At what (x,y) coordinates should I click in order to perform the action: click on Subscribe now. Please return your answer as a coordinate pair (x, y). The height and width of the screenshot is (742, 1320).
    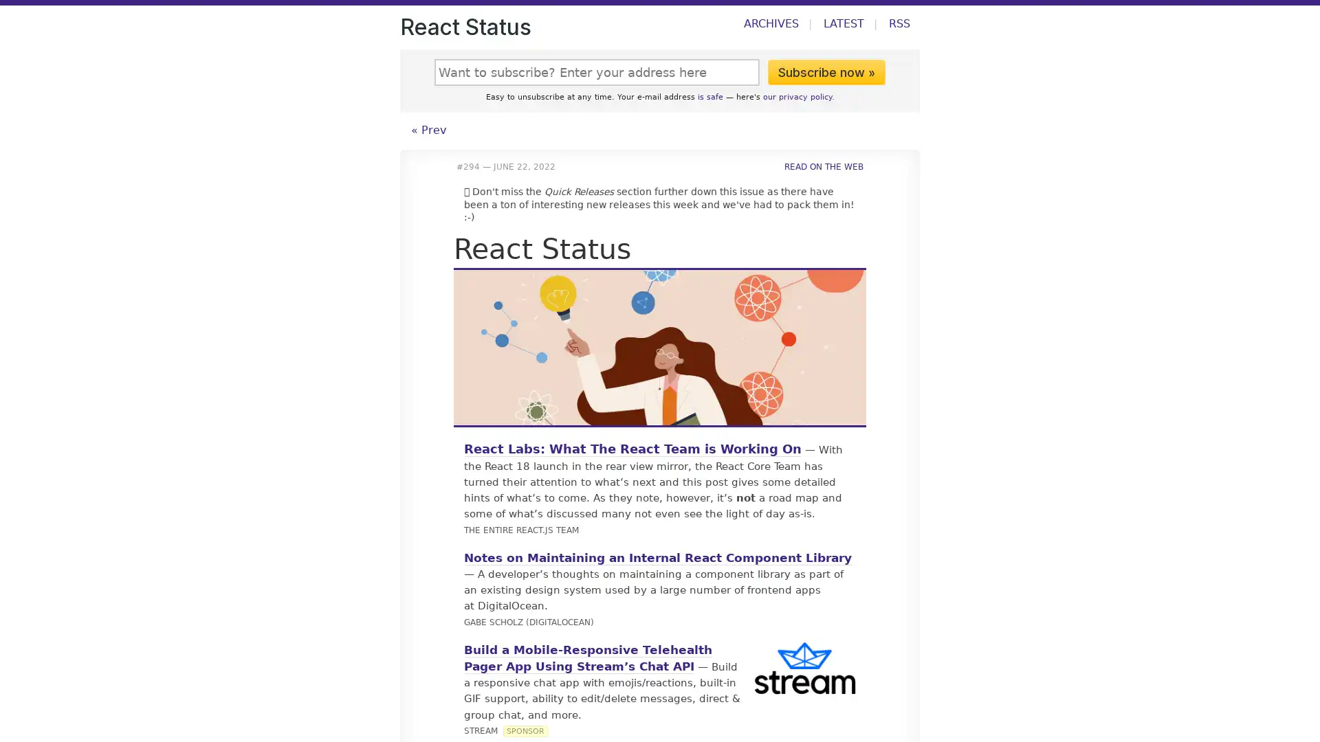
    Looking at the image, I should click on (826, 72).